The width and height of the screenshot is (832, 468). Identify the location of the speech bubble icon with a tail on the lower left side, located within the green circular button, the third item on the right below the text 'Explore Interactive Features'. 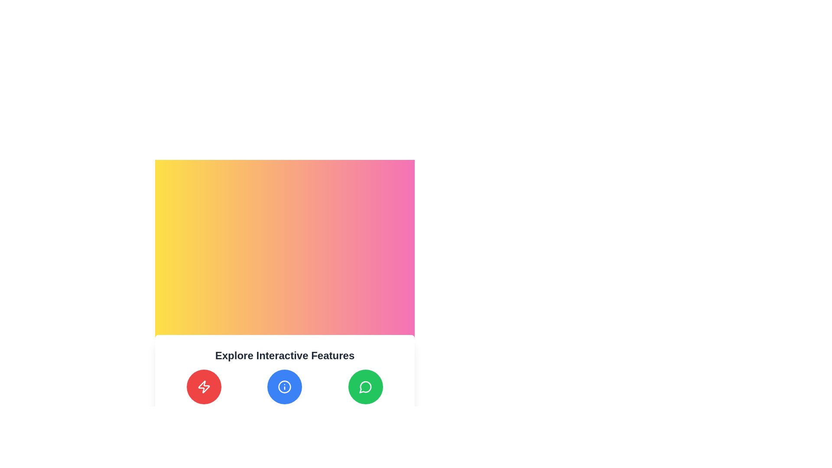
(365, 387).